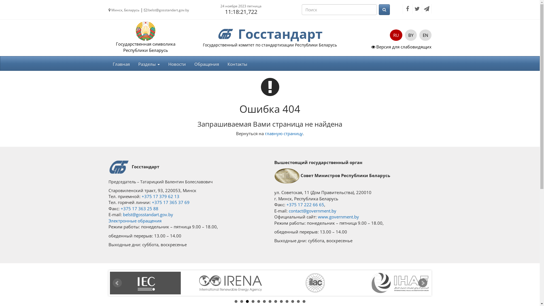  What do you see at coordinates (148, 214) in the screenshot?
I see `'belst@gosstandart.gov.by'` at bounding box center [148, 214].